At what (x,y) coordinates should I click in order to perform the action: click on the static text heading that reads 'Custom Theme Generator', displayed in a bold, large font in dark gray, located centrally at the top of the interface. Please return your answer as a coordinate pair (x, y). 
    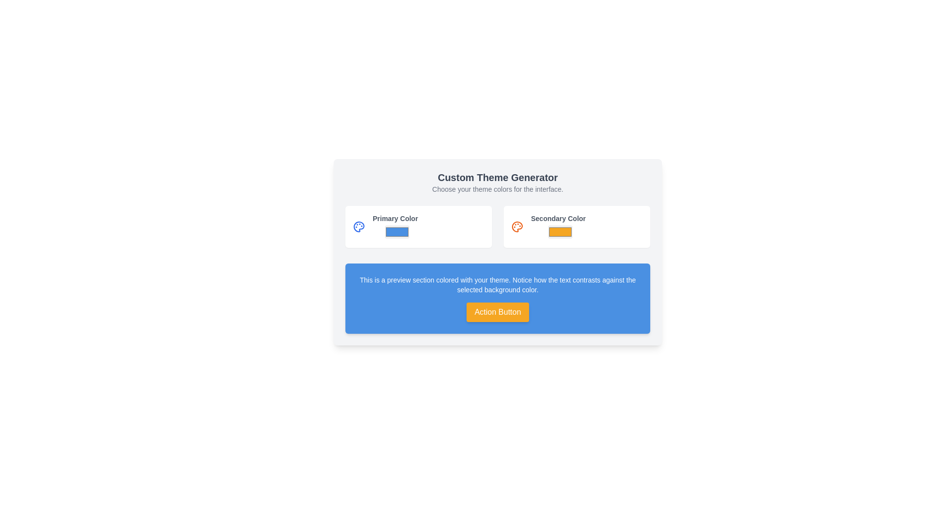
    Looking at the image, I should click on (497, 177).